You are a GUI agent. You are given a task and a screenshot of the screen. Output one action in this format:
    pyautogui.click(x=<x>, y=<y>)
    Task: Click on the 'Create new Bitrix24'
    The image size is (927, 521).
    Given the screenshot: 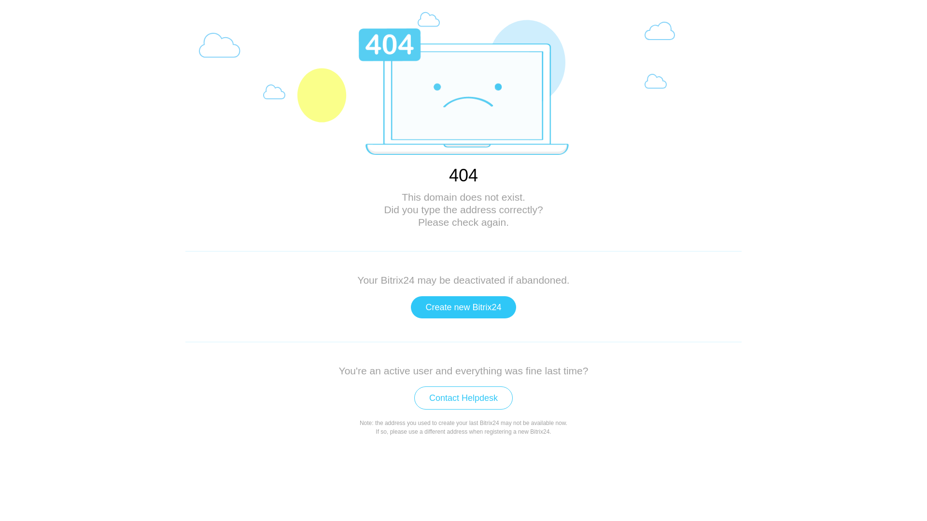 What is the action you would take?
    pyautogui.click(x=463, y=307)
    